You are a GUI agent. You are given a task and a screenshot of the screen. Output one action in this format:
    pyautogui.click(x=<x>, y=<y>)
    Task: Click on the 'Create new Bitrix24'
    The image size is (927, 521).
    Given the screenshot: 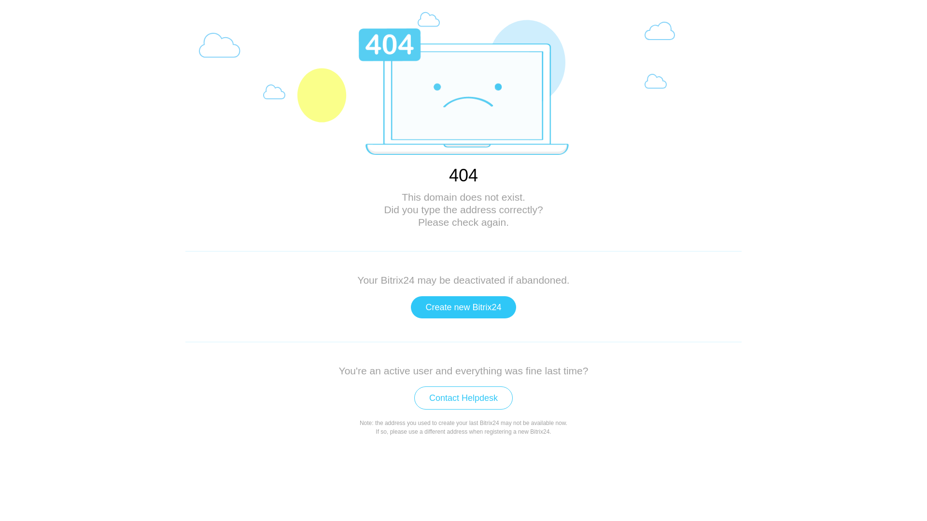 What is the action you would take?
    pyautogui.click(x=463, y=307)
    